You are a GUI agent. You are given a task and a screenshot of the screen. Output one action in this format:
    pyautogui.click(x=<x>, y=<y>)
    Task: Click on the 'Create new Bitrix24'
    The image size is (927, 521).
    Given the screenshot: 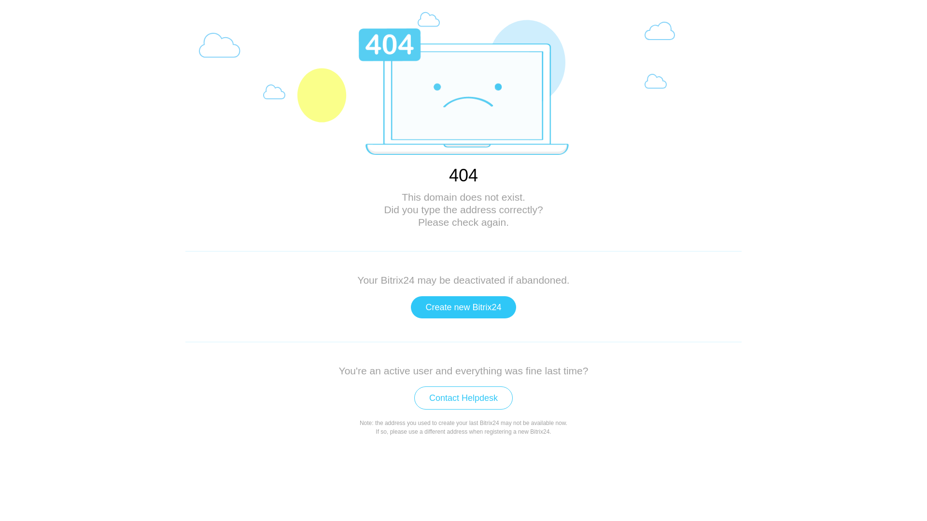 What is the action you would take?
    pyautogui.click(x=463, y=307)
    